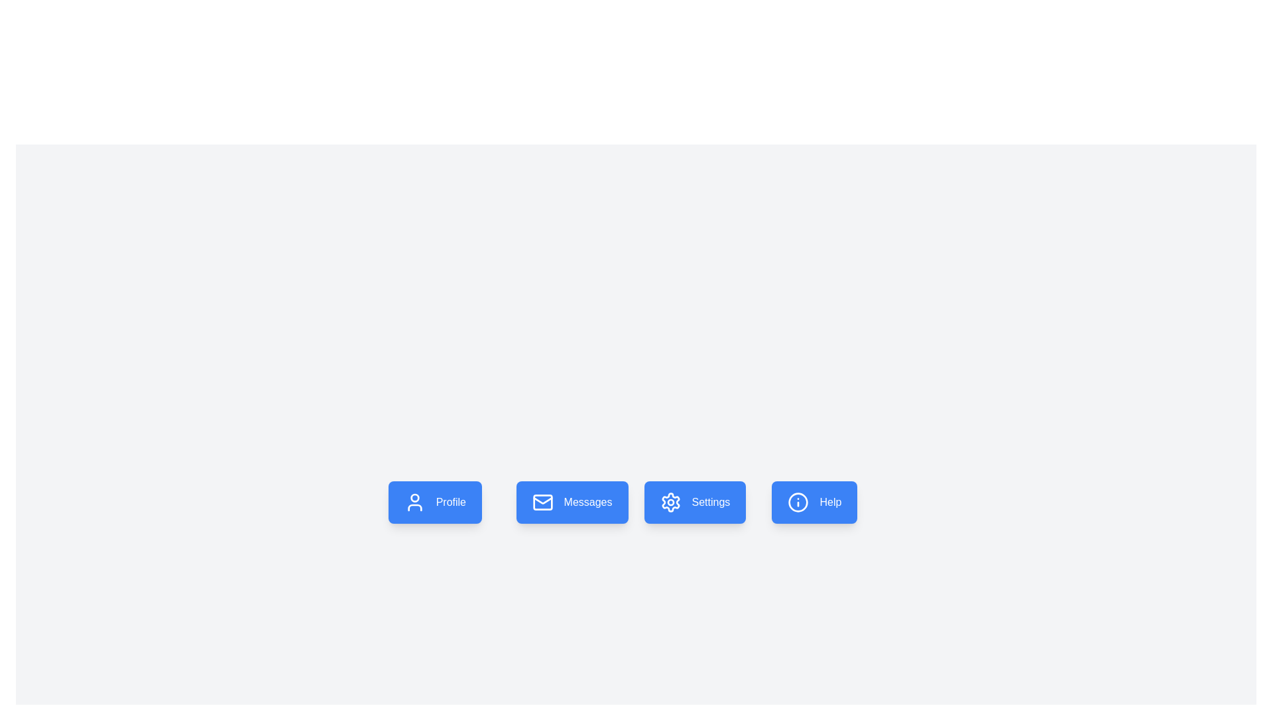 This screenshot has height=716, width=1273. Describe the element at coordinates (572, 503) in the screenshot. I see `the 'Messages' navigation button, which is the second button in a row of four buttons, positioned centrally between the 'Profile' and 'Settings' buttons` at that location.